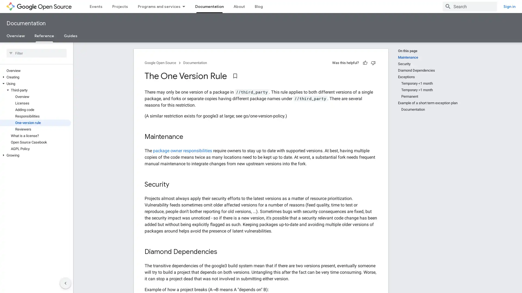 The height and width of the screenshot is (293, 522). What do you see at coordinates (175, 184) in the screenshot?
I see `Copy link to this section: Security` at bounding box center [175, 184].